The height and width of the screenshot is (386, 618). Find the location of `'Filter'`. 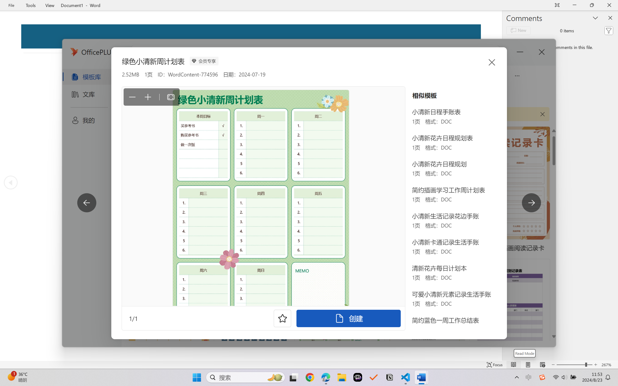

'Filter' is located at coordinates (609, 31).